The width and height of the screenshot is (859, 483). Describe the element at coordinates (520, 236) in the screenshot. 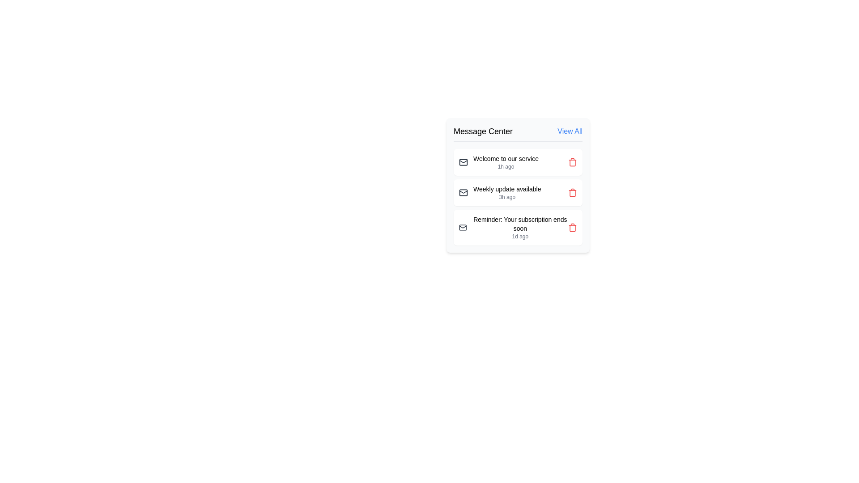

I see `the text label reading '1d ago' in light gray color, located beneath the notification message 'Reminder: Your subscription ends soon' in the 'Message Center' section` at that location.